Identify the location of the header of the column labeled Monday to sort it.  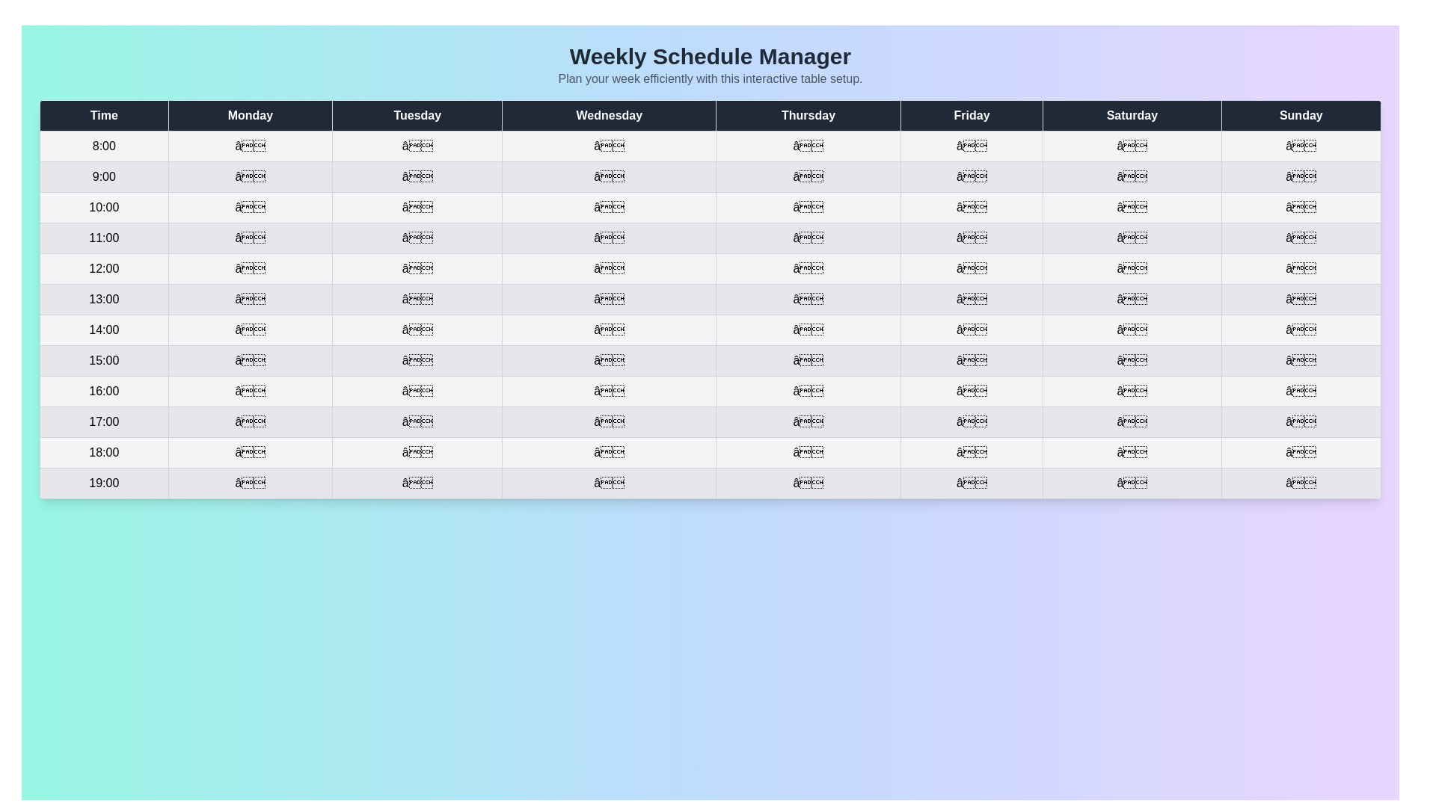
(250, 114).